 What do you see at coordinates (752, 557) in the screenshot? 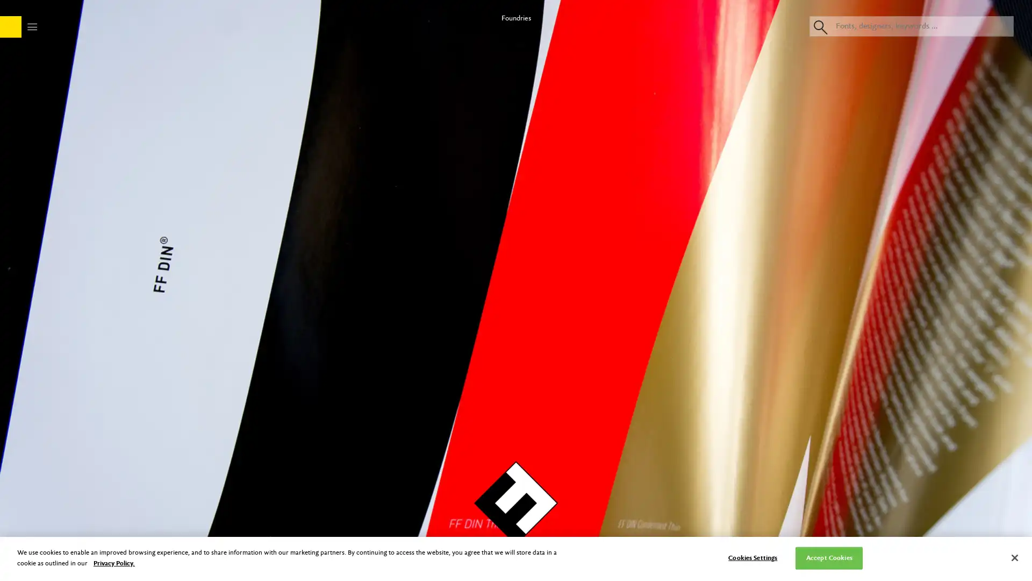
I see `Cookies Settings` at bounding box center [752, 557].